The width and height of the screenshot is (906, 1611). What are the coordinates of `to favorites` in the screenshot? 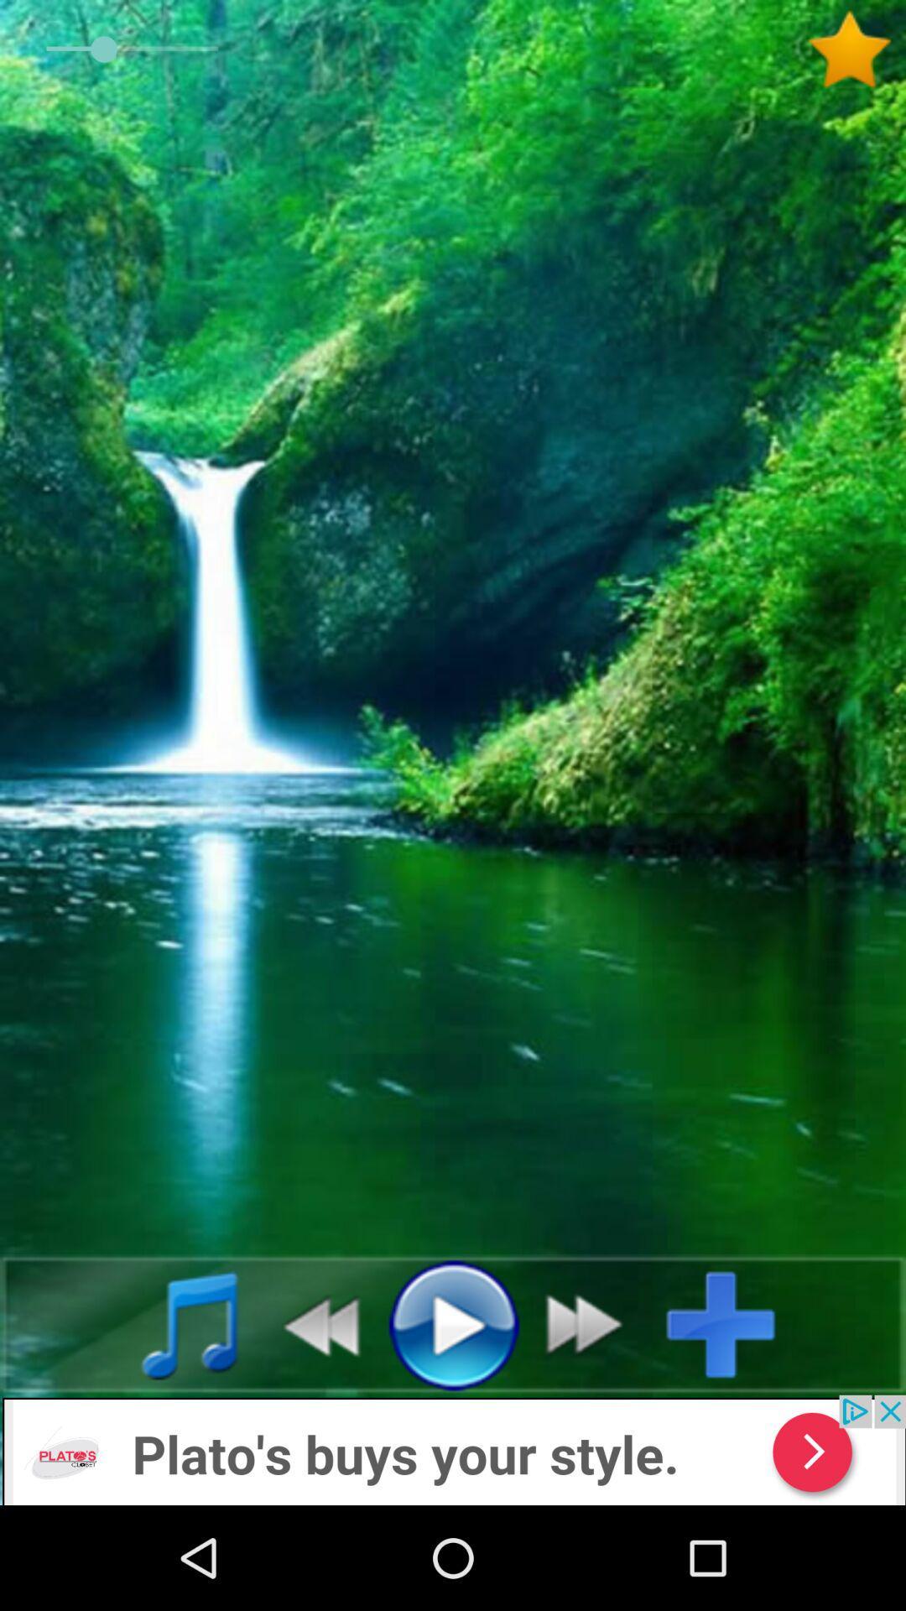 It's located at (856, 50).